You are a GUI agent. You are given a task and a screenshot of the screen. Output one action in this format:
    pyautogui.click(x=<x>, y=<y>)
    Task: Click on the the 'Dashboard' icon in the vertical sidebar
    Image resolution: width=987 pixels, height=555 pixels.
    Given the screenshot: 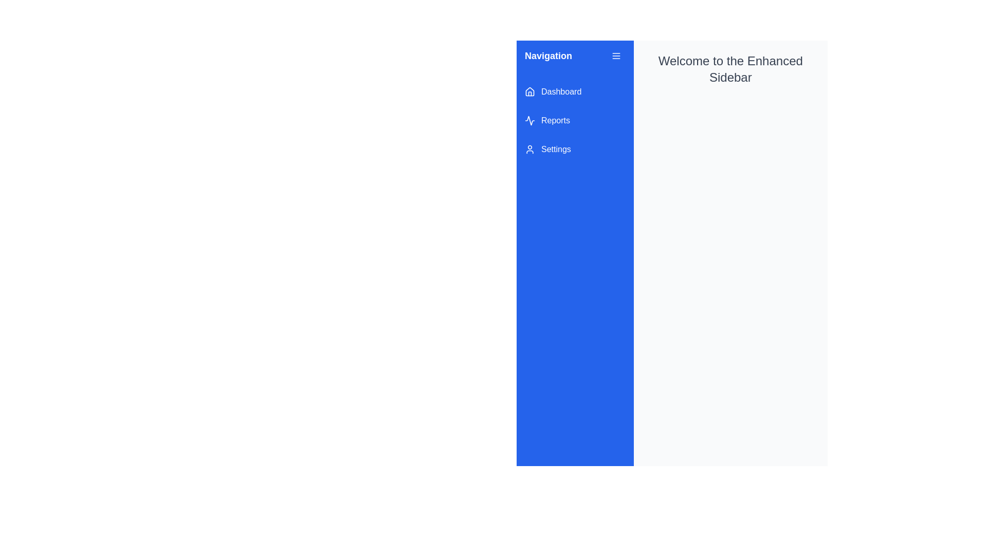 What is the action you would take?
    pyautogui.click(x=530, y=91)
    